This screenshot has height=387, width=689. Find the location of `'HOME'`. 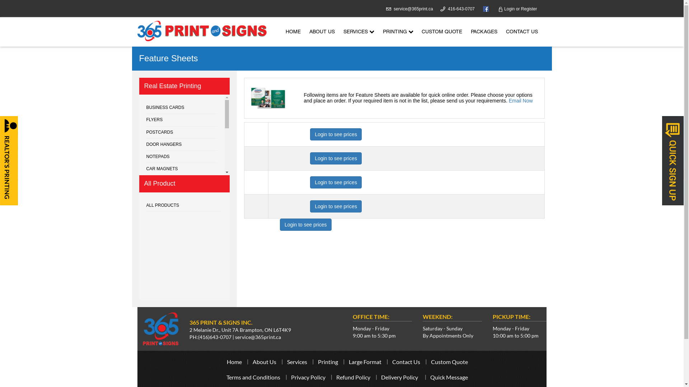

'HOME' is located at coordinates (293, 32).